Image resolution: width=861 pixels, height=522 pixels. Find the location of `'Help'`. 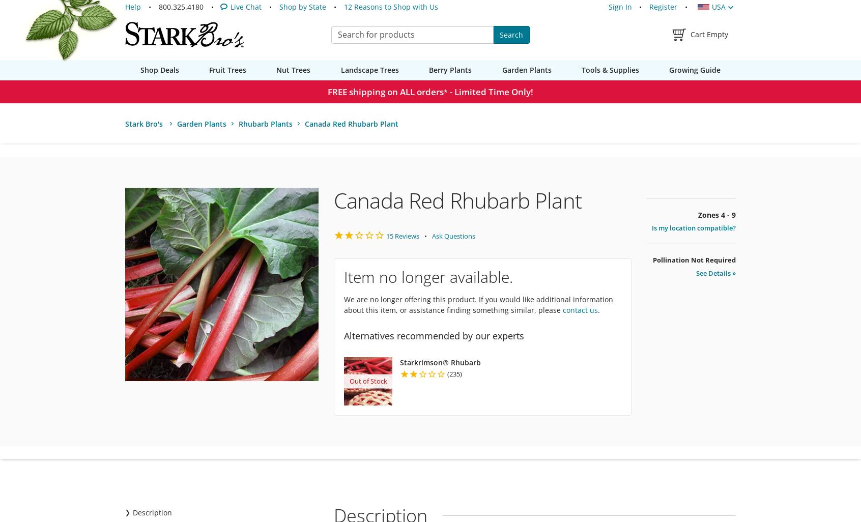

'Help' is located at coordinates (133, 7).